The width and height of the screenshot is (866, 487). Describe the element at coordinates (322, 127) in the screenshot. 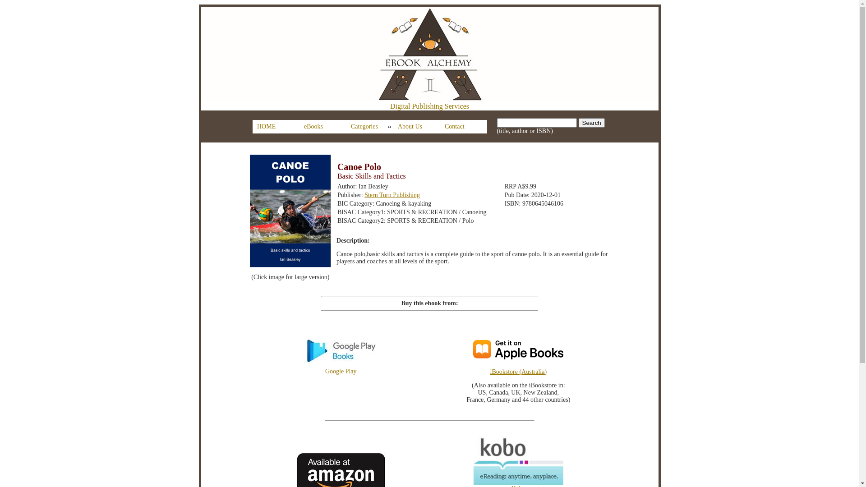

I see `'eBooks'` at that location.